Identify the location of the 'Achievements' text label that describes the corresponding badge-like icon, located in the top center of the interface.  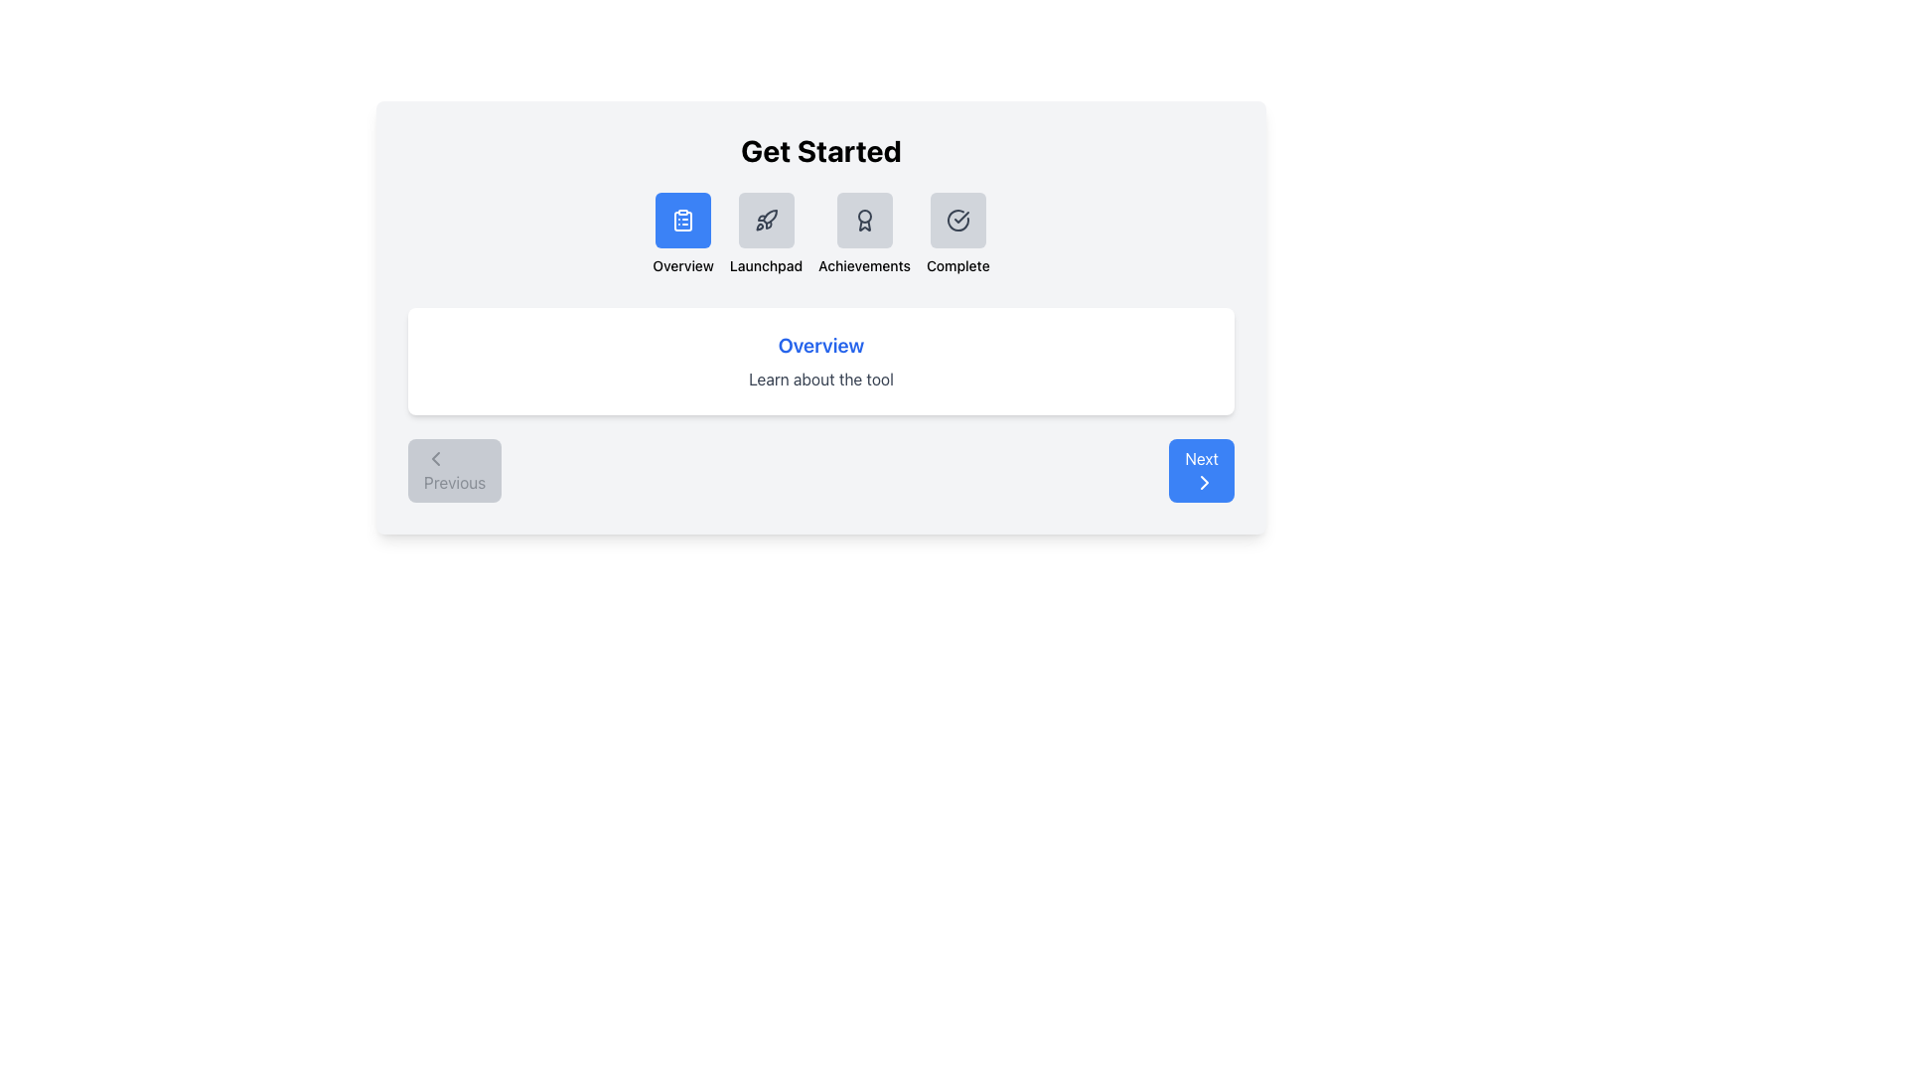
(864, 264).